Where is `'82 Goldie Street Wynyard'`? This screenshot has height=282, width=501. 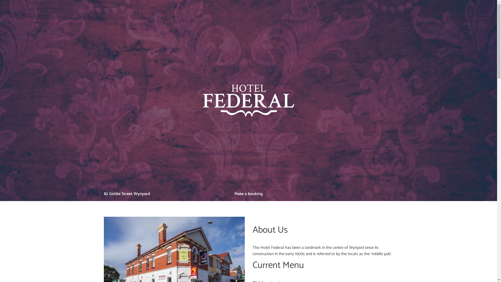 '82 Goldie Street Wynyard' is located at coordinates (127, 194).